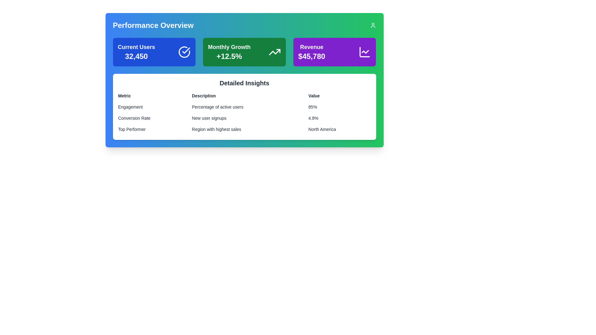 Image resolution: width=596 pixels, height=335 pixels. What do you see at coordinates (229, 47) in the screenshot?
I see `the 'Monthly Growth' text label, which is bold and slightly larger than nearby text, situated on a green rectangular background` at bounding box center [229, 47].